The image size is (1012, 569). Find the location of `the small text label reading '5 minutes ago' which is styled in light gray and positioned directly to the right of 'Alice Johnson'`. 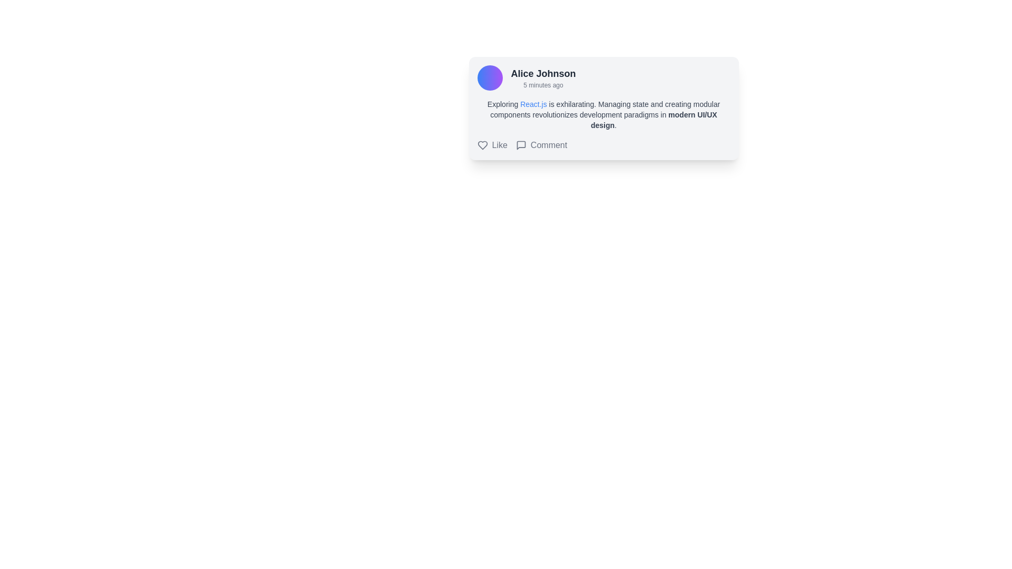

the small text label reading '5 minutes ago' which is styled in light gray and positioned directly to the right of 'Alice Johnson' is located at coordinates (543, 85).